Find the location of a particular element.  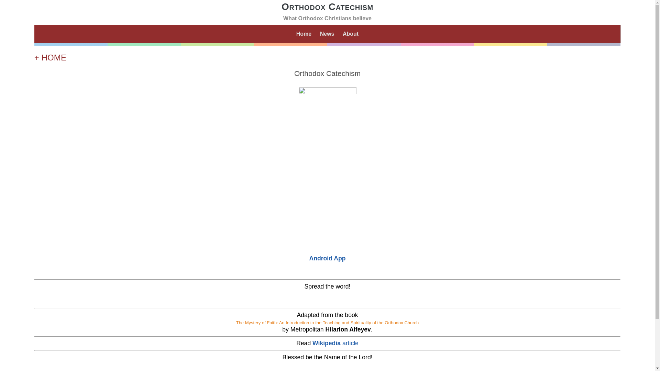

'Orthodox Catechism' is located at coordinates (327, 7).